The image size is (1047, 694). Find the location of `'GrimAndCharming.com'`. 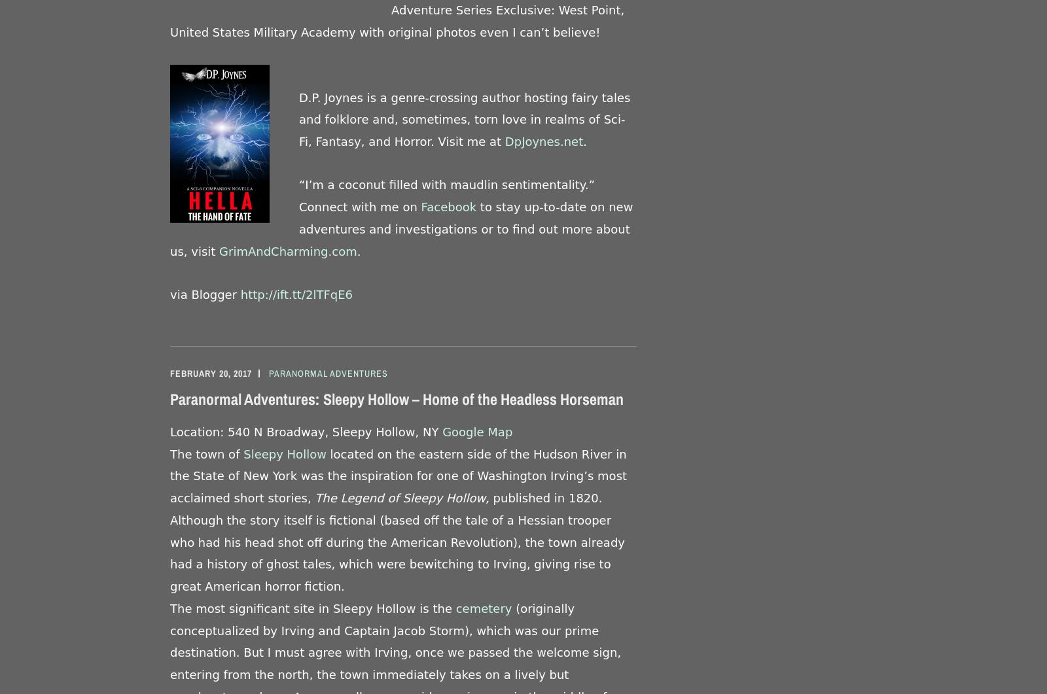

'GrimAndCharming.com' is located at coordinates (287, 251).